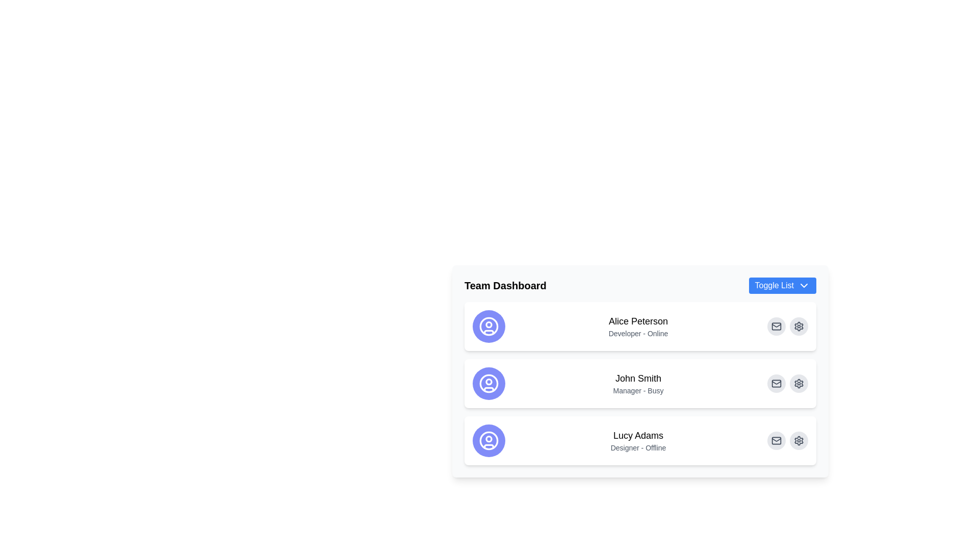 This screenshot has height=551, width=979. What do you see at coordinates (638, 447) in the screenshot?
I see `the text label that reads 'Designer - Offline', which is styled in a smaller gray font and positioned directly below 'Lucy Adams'` at bounding box center [638, 447].